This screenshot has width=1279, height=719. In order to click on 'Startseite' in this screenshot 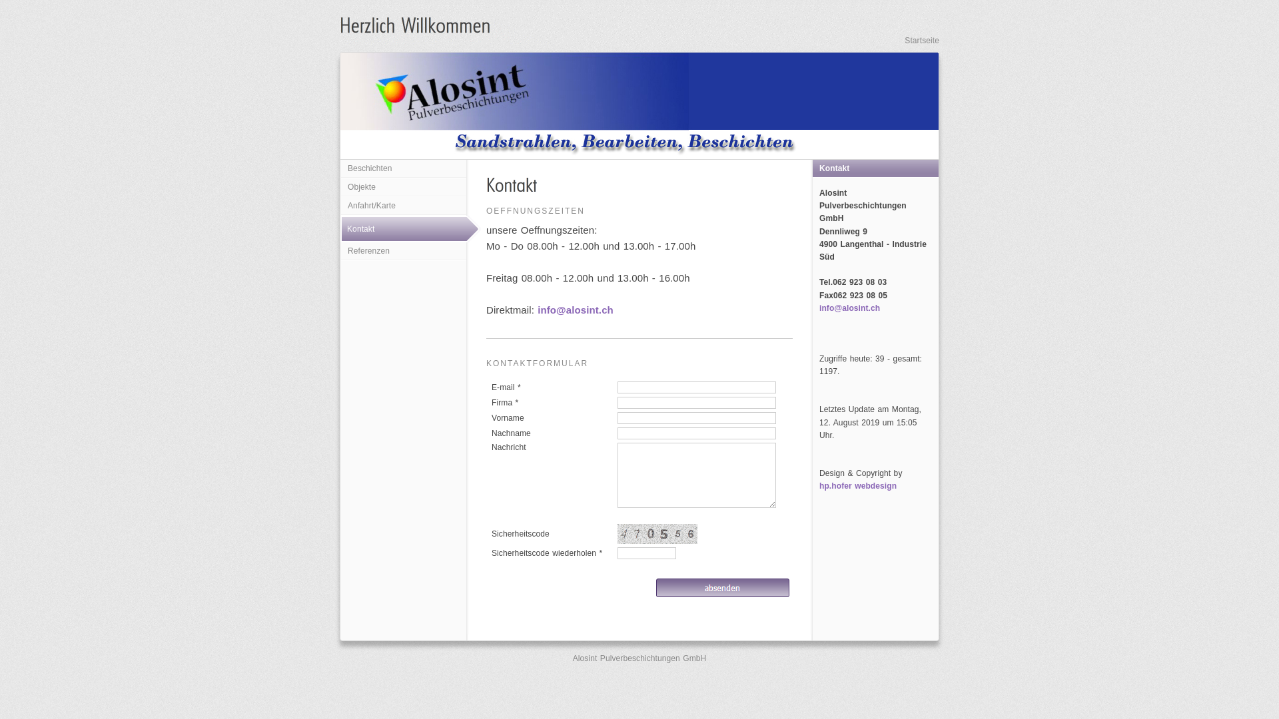, I will do `click(921, 40)`.